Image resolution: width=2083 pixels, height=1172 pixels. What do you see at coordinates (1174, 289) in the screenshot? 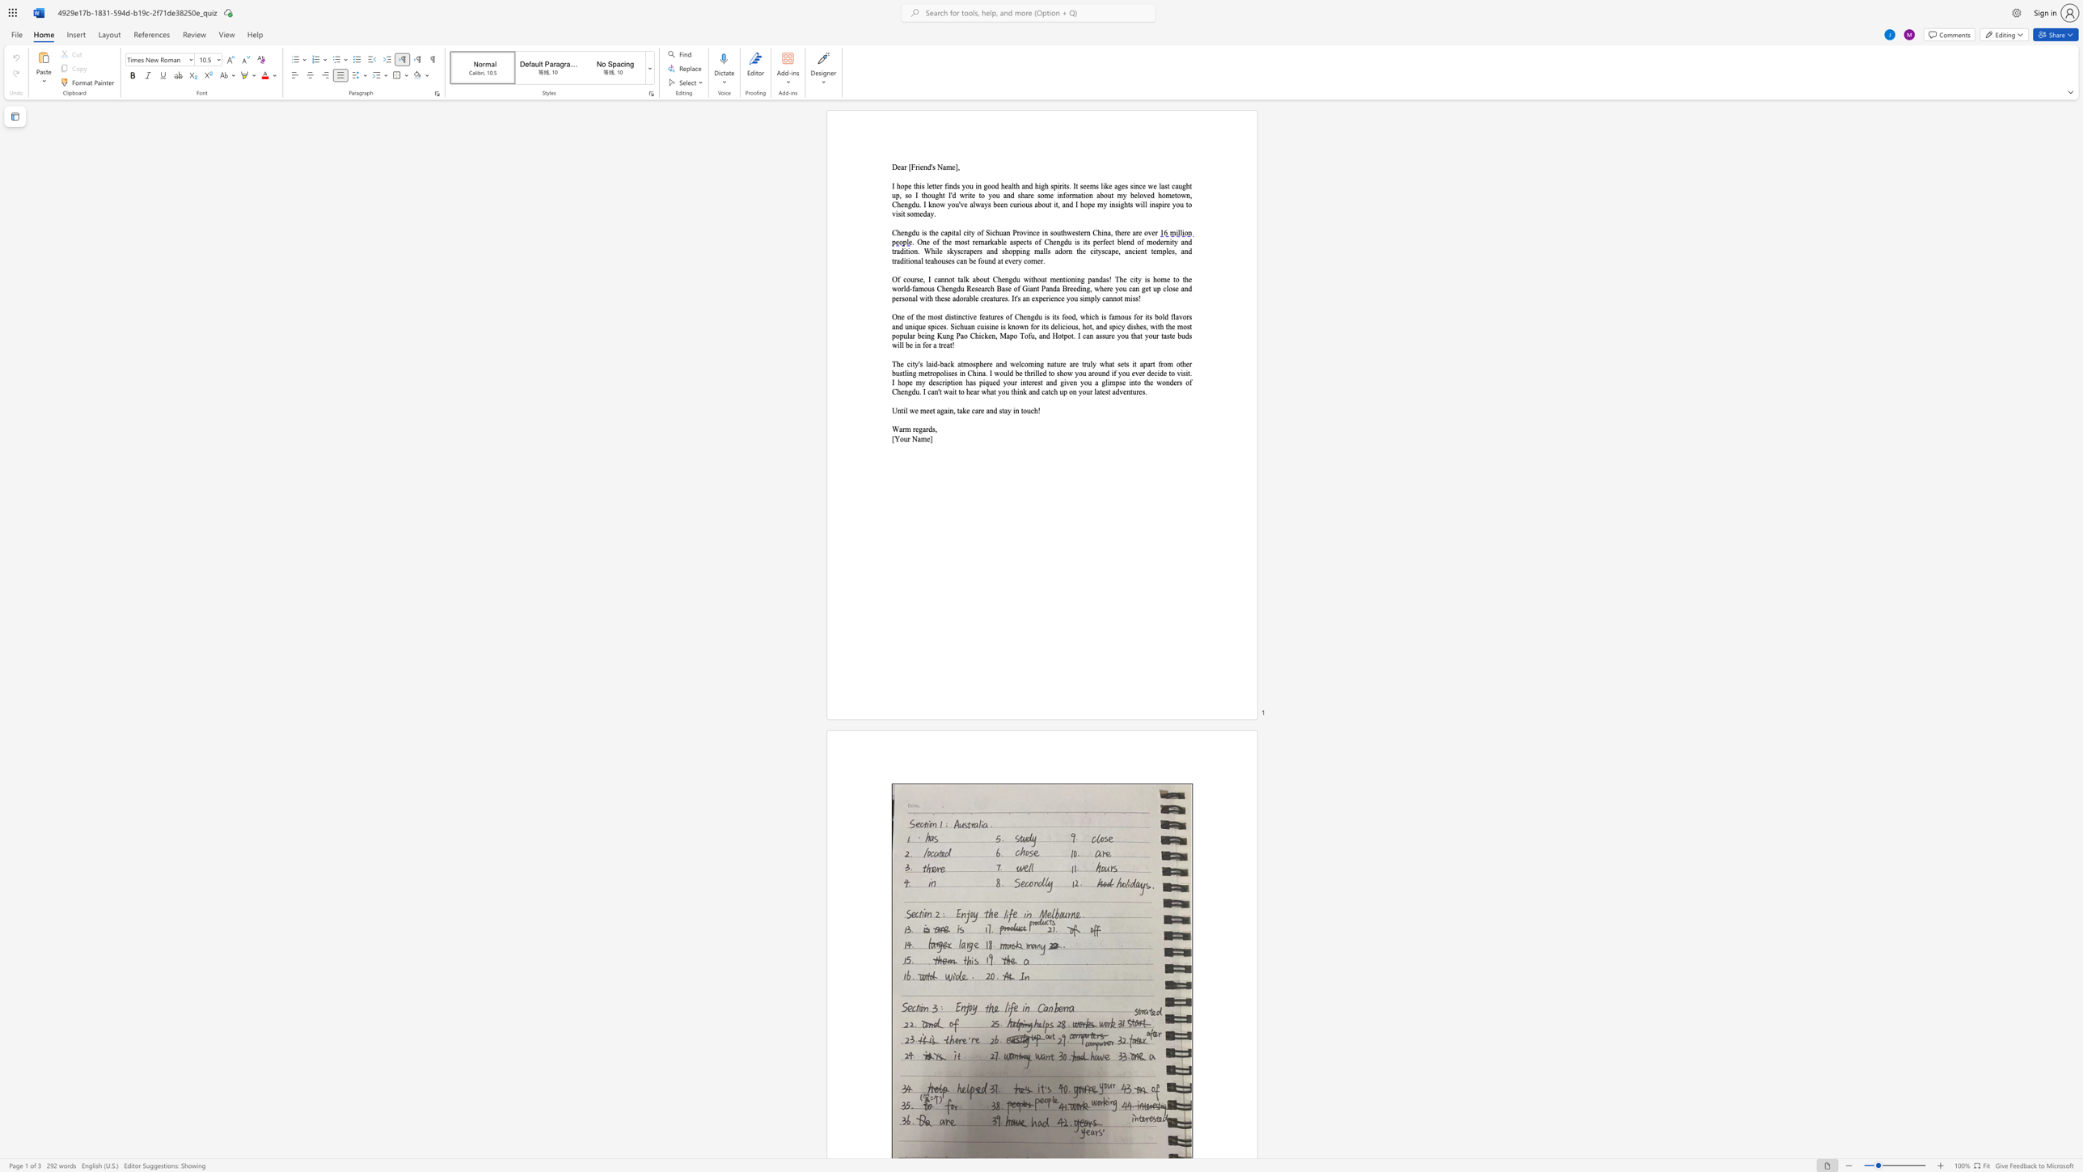
I see `the subset text "e and personal with these adora" within the text "Of course, I cannot talk about Chengdu without mentioning pandas! The city is home to the world-famous Chengdu Research Base of Giant Panda Breeding, where you can get up close and personal with these adorable creatures."` at bounding box center [1174, 289].